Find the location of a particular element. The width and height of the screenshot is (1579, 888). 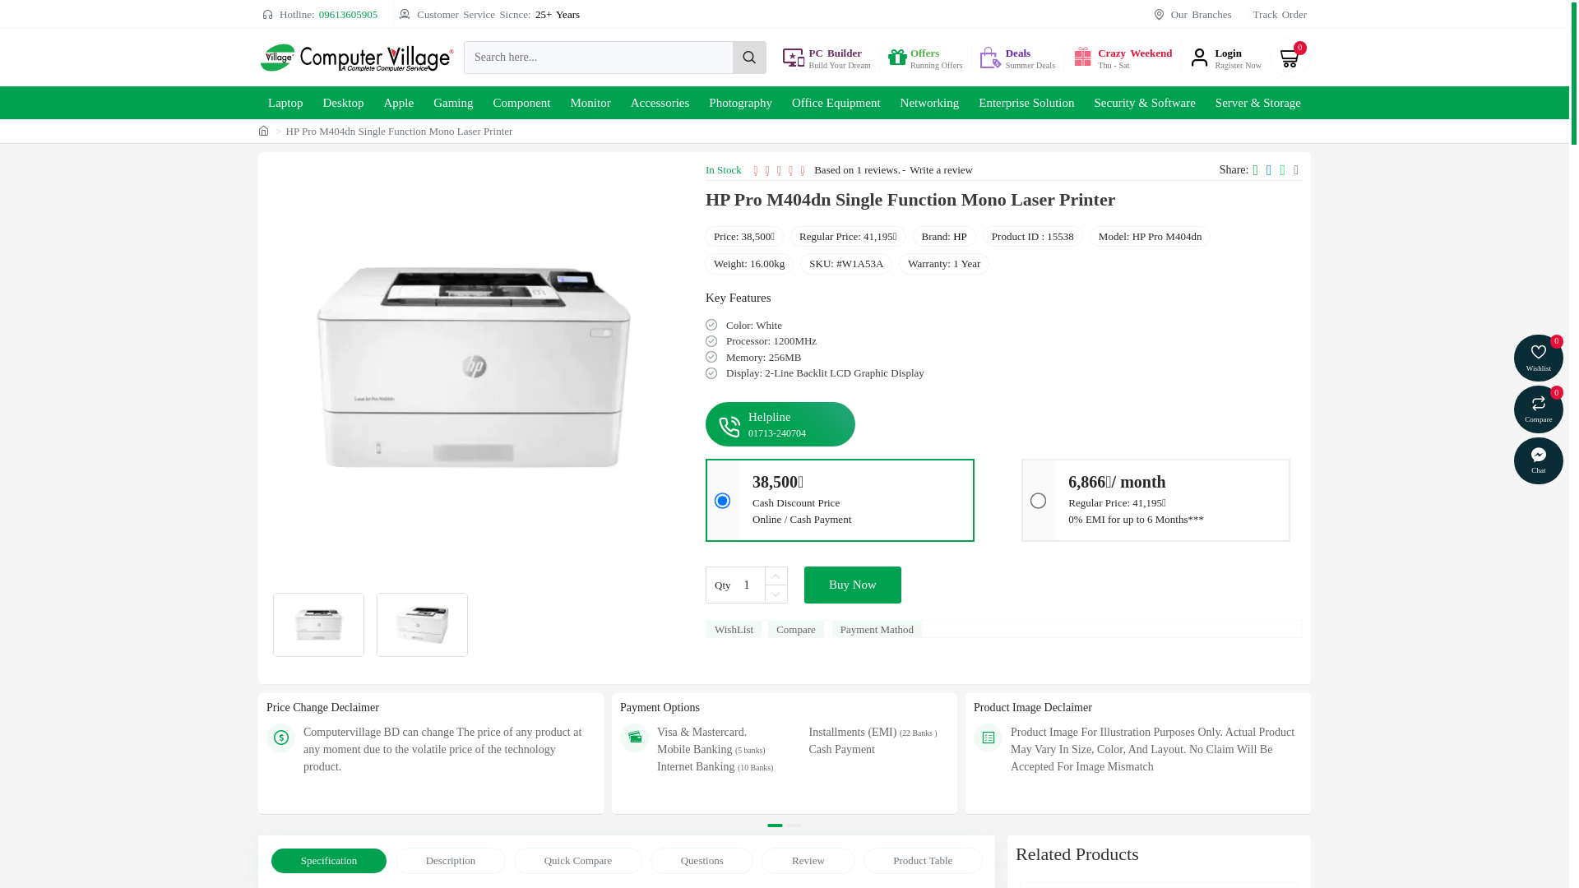

'Chat' is located at coordinates (1538, 460).